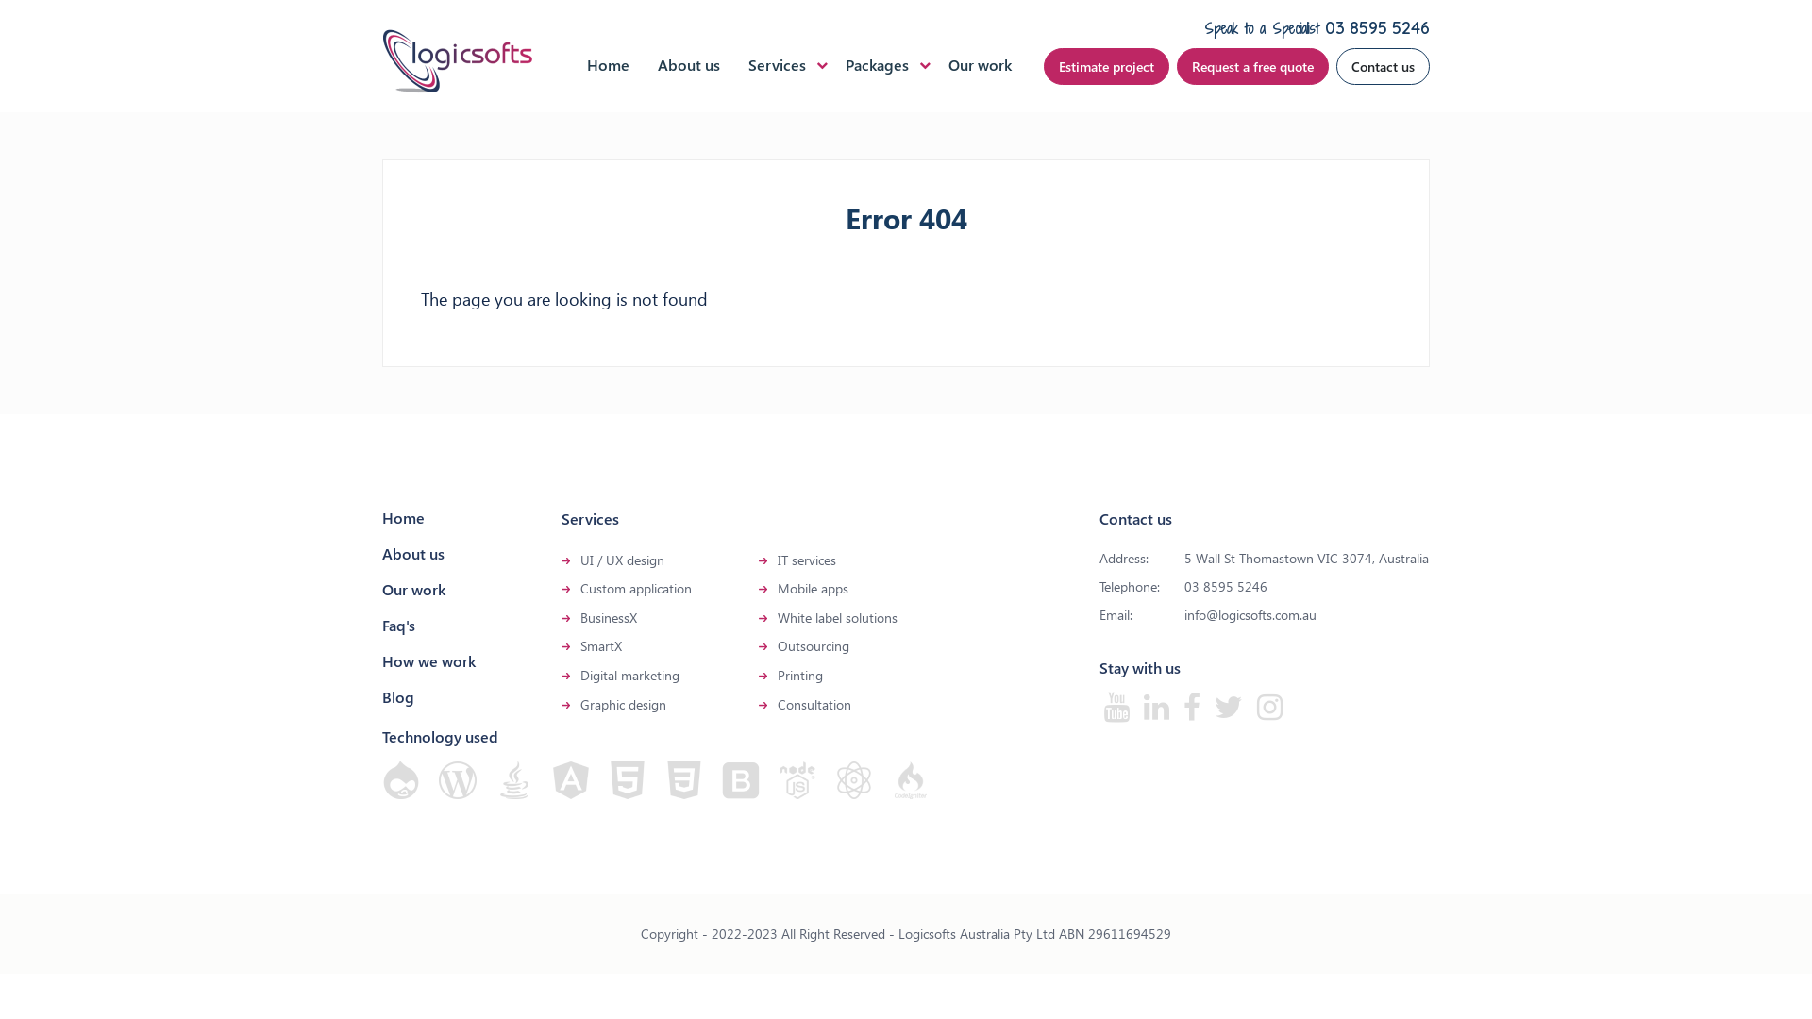 Image resolution: width=1812 pixels, height=1019 pixels. I want to click on 'White label solutions', so click(836, 617).